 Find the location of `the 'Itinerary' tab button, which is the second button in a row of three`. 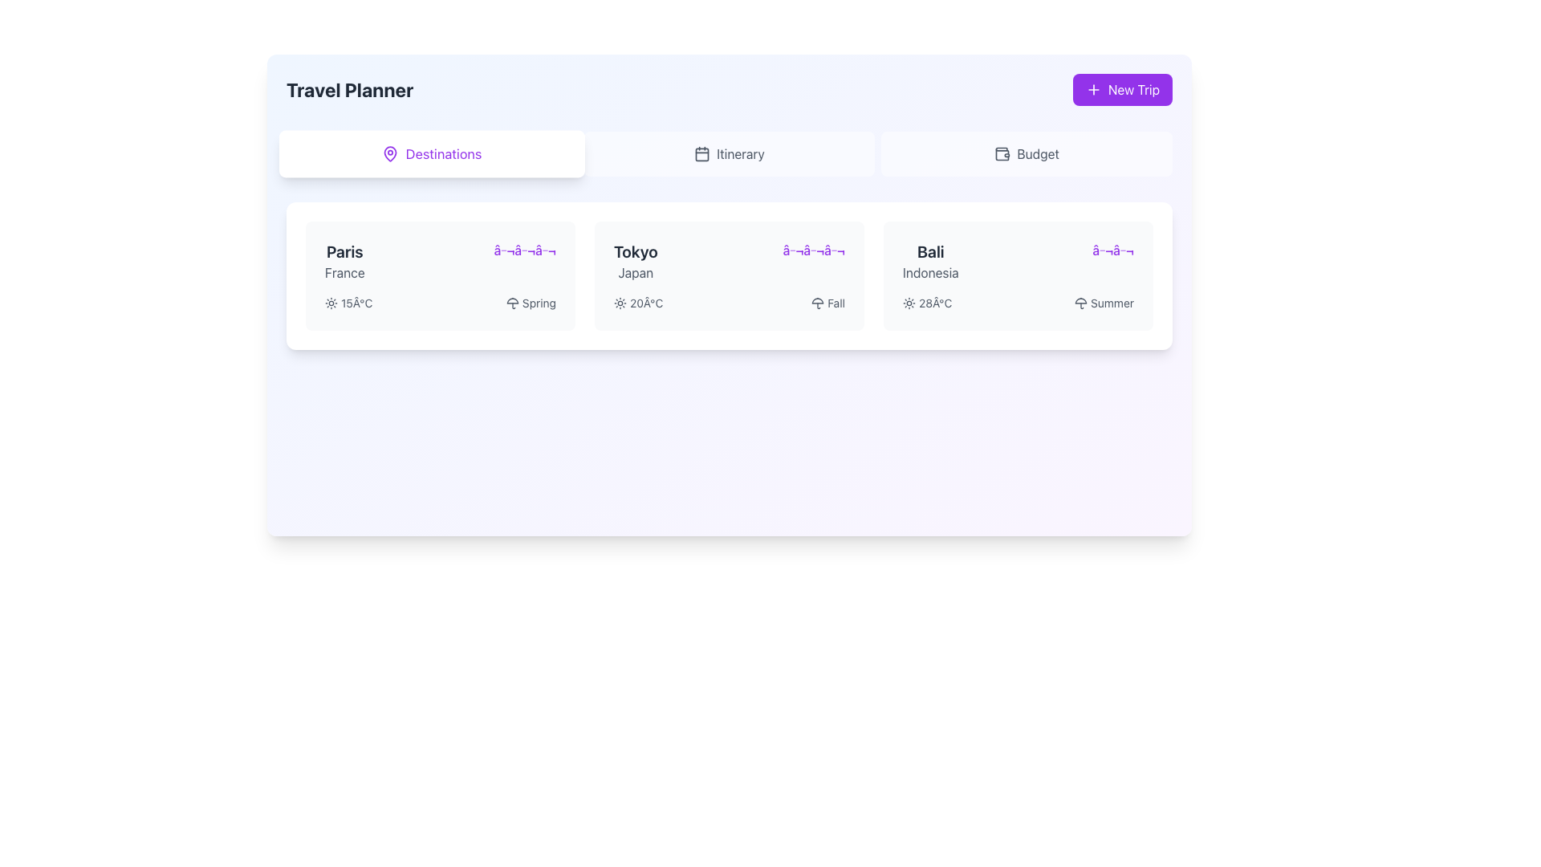

the 'Itinerary' tab button, which is the second button in a row of three is located at coordinates (728, 154).